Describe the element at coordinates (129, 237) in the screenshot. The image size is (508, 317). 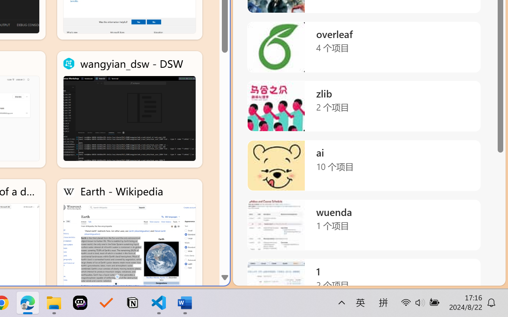
I see `'Earth - Wikipedia'` at that location.